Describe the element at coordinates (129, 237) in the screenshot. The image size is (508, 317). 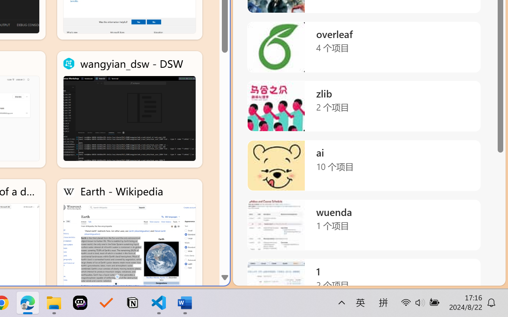
I see `'Earth - Wikipedia'` at that location.